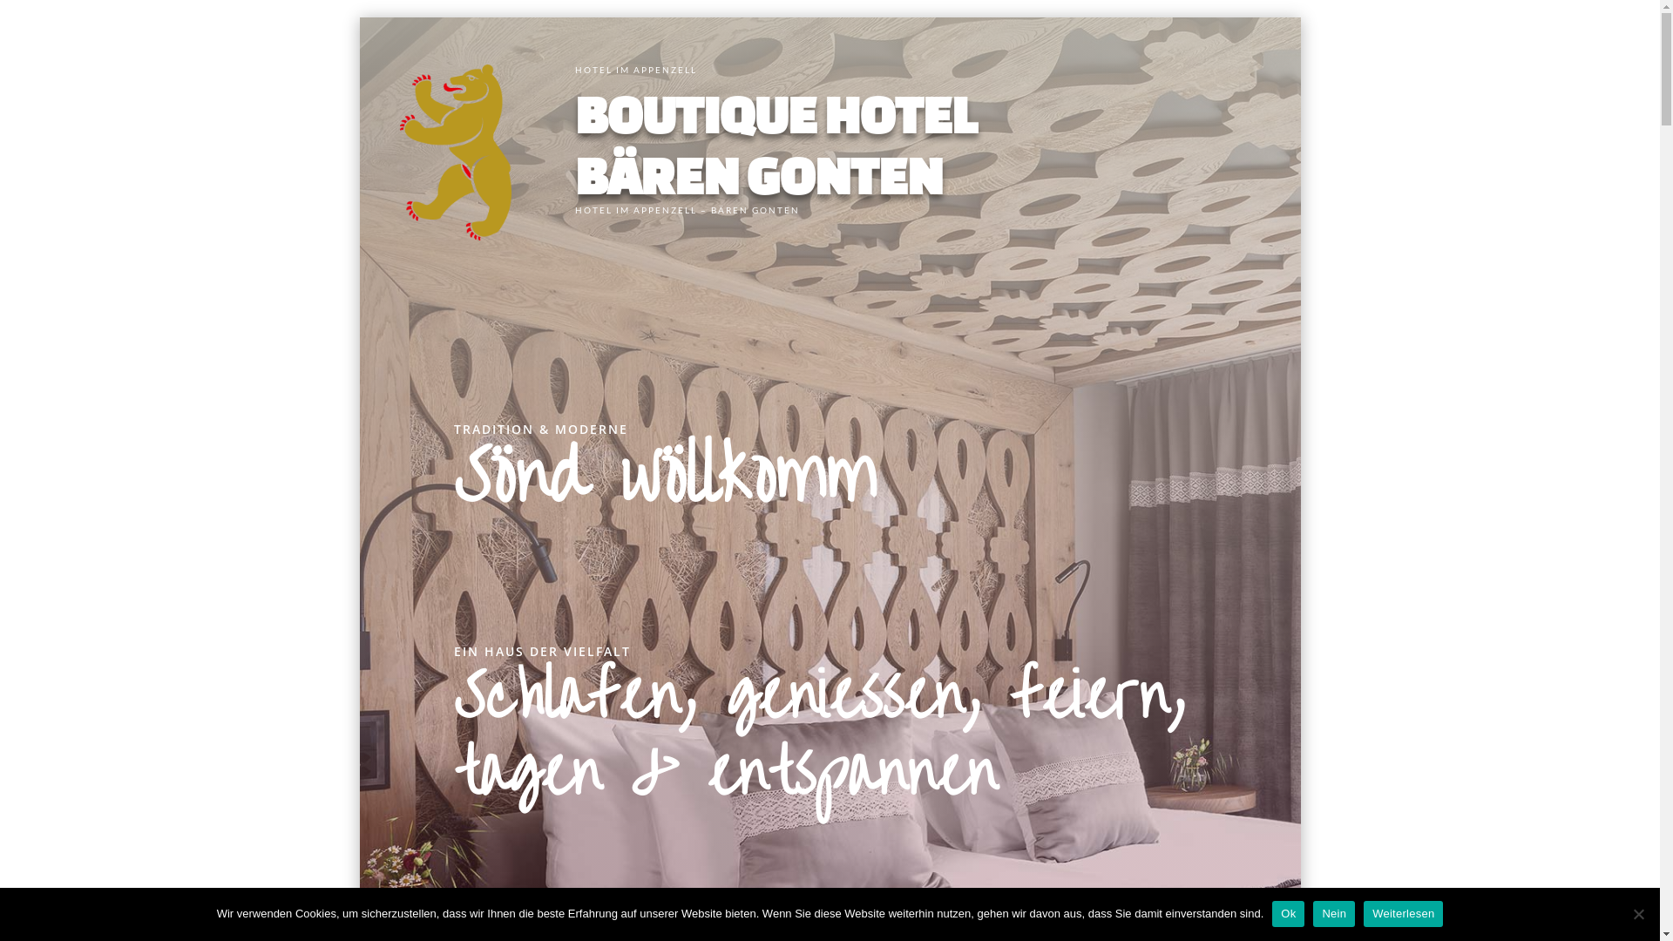 This screenshot has width=1673, height=941. I want to click on 'Ok', so click(1271, 913).